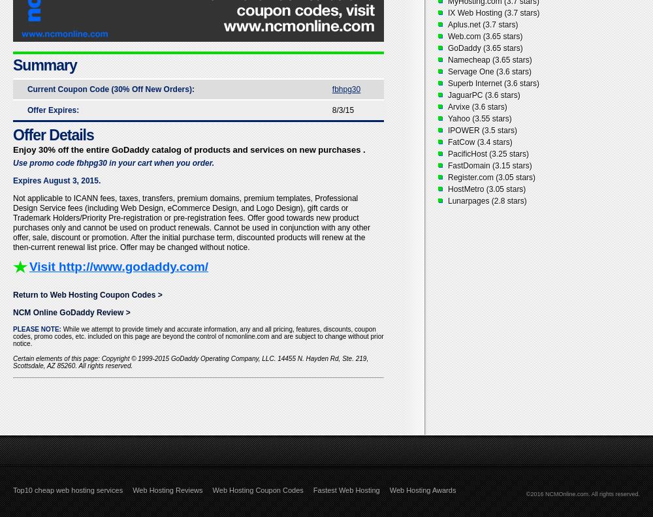  What do you see at coordinates (494, 82) in the screenshot?
I see `'Superb Internet (3.6 stars)'` at bounding box center [494, 82].